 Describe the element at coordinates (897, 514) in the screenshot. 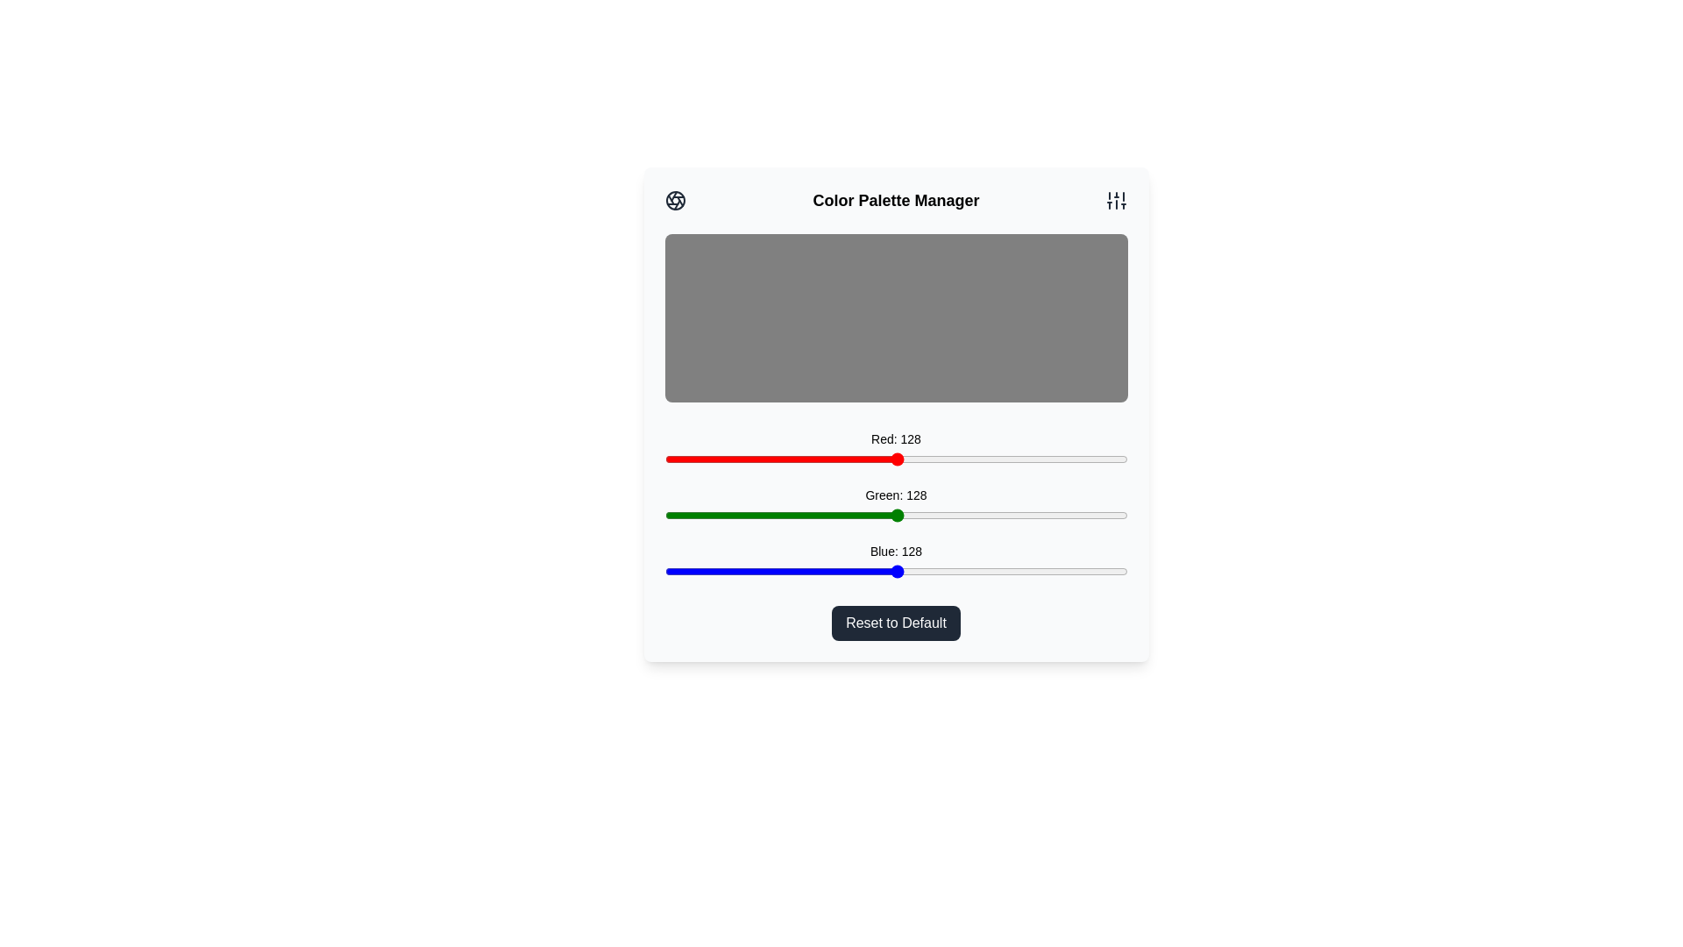

I see `the green slider to set the green intensity to 128` at that location.